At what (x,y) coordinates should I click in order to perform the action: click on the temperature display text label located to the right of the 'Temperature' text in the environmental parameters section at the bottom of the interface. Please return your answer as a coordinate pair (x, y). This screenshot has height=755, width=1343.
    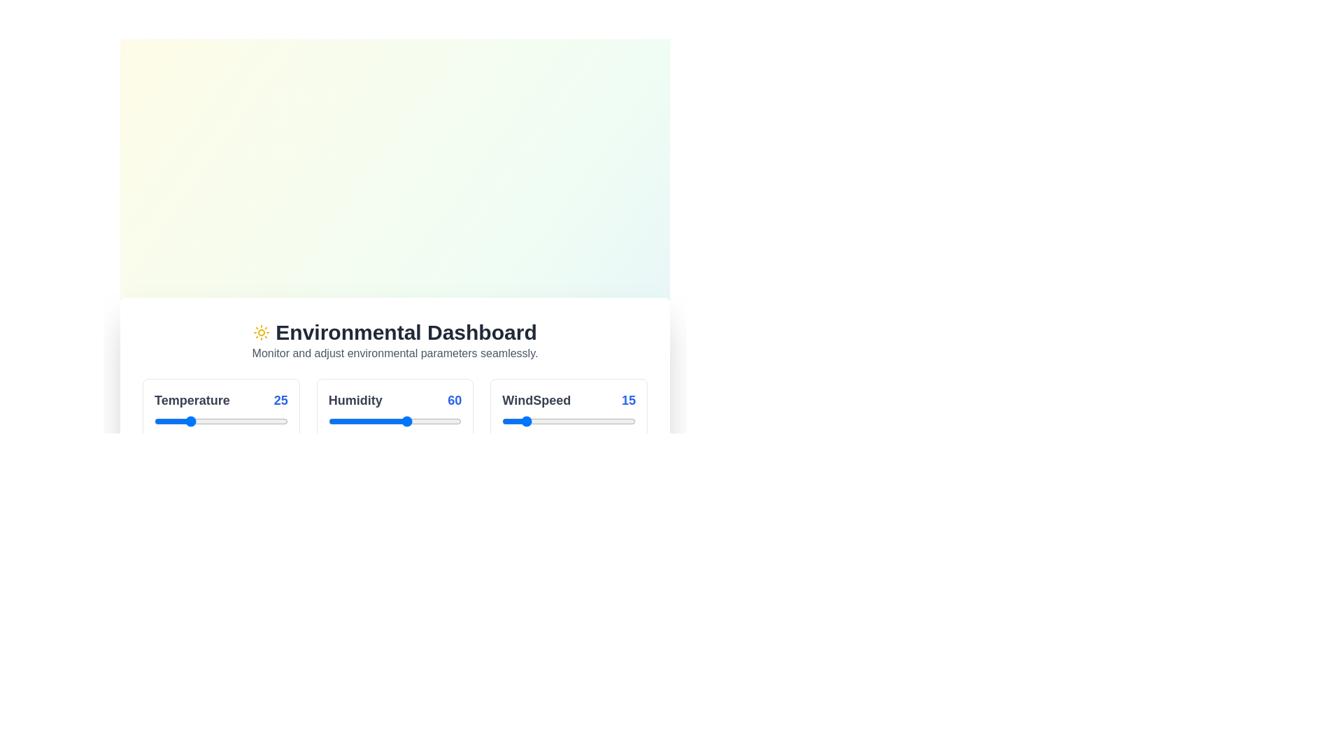
    Looking at the image, I should click on (280, 400).